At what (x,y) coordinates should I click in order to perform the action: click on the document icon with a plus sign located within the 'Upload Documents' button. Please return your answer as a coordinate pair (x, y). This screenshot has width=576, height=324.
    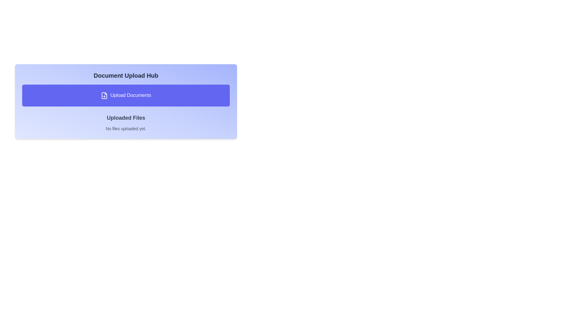
    Looking at the image, I should click on (104, 95).